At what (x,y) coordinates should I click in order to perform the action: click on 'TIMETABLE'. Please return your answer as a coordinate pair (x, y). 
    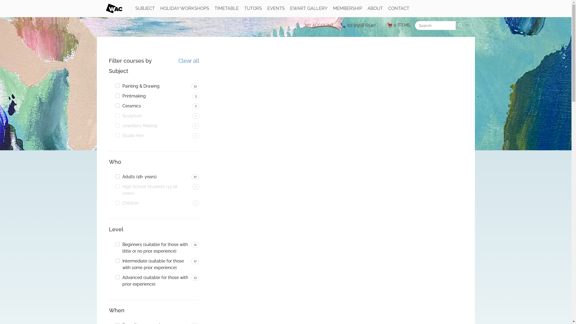
    Looking at the image, I should click on (226, 8).